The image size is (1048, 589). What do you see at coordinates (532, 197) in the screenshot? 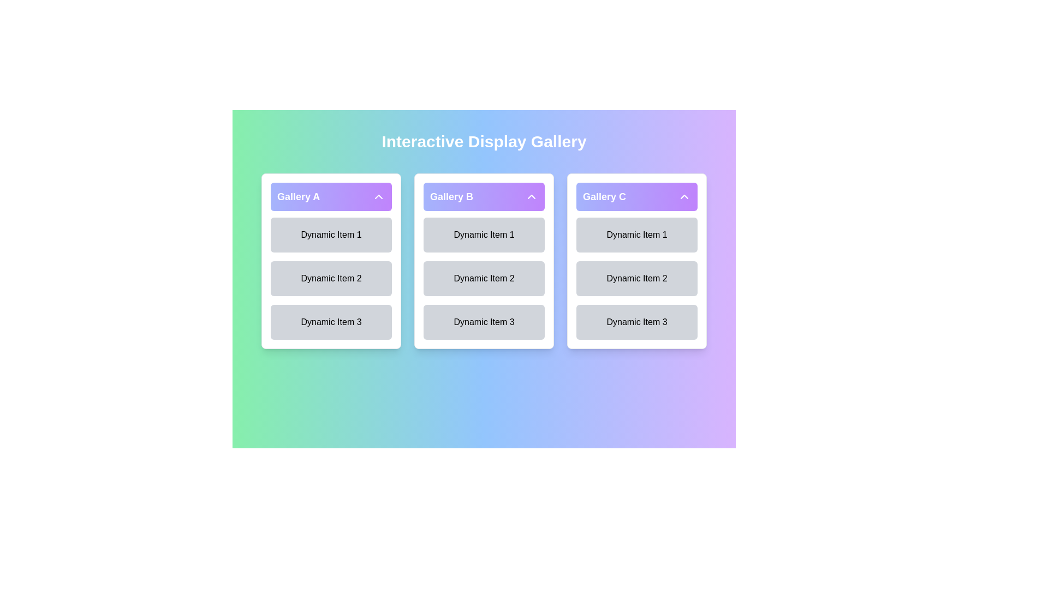
I see `the Chevron Up icon located at the top-right corner of the 'Gallery B' card's title bar, which functions as a toggle for expanding or collapsing content` at bounding box center [532, 197].